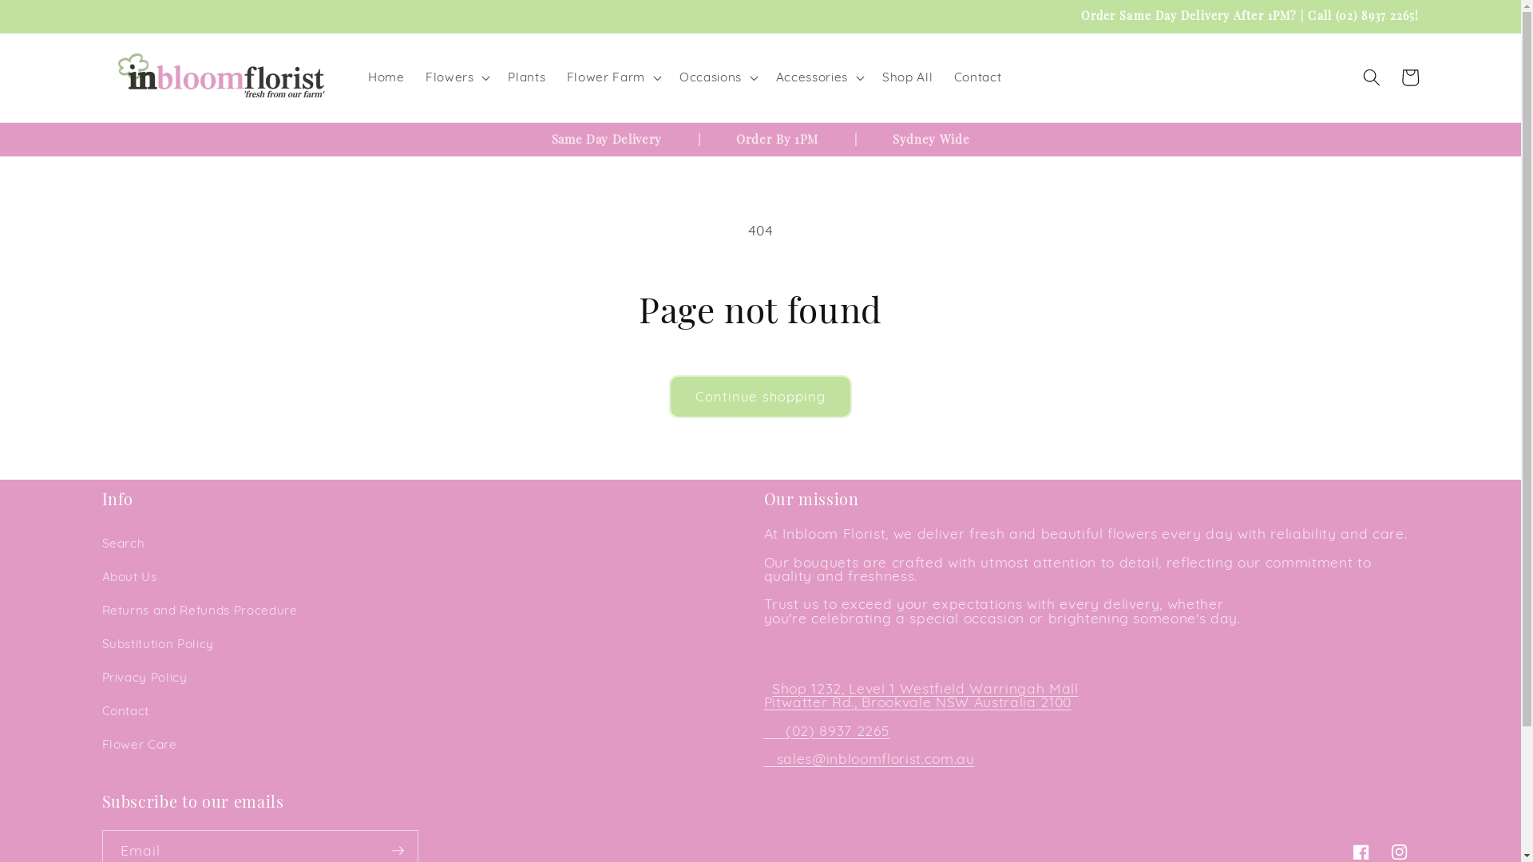 Image resolution: width=1533 pixels, height=862 pixels. What do you see at coordinates (199, 610) in the screenshot?
I see `'Returns and Refunds Procedure'` at bounding box center [199, 610].